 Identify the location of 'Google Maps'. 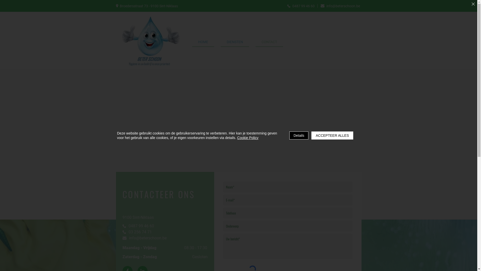
(0, 144).